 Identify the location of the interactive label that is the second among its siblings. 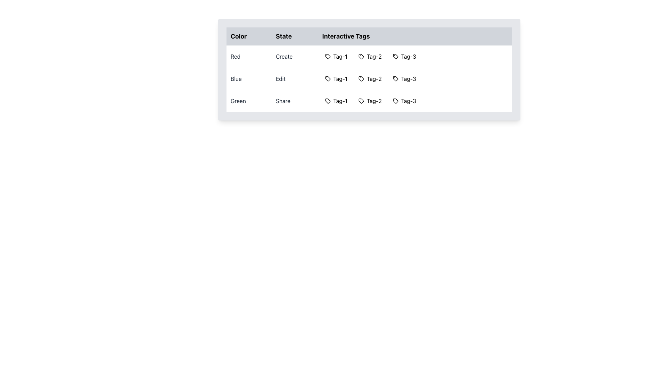
(370, 56).